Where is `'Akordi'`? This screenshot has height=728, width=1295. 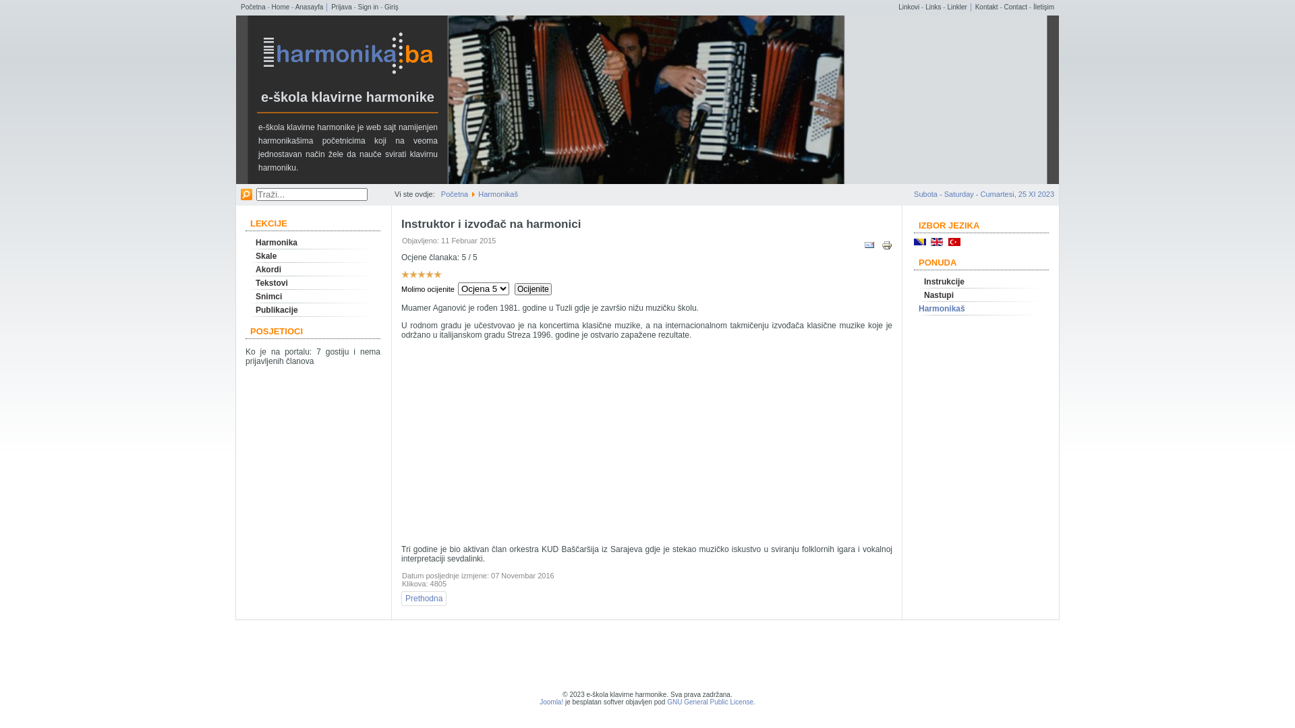 'Akordi' is located at coordinates (312, 270).